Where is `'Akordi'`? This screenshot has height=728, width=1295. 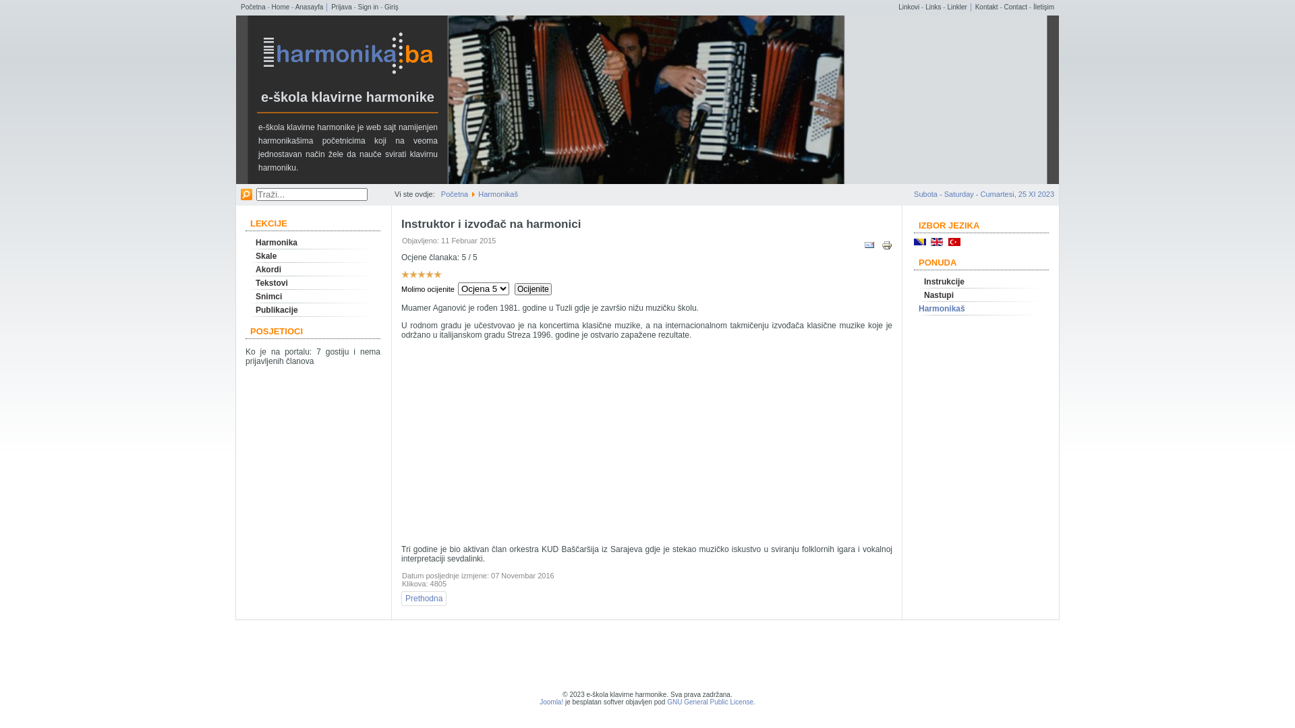 'Akordi' is located at coordinates (312, 270).